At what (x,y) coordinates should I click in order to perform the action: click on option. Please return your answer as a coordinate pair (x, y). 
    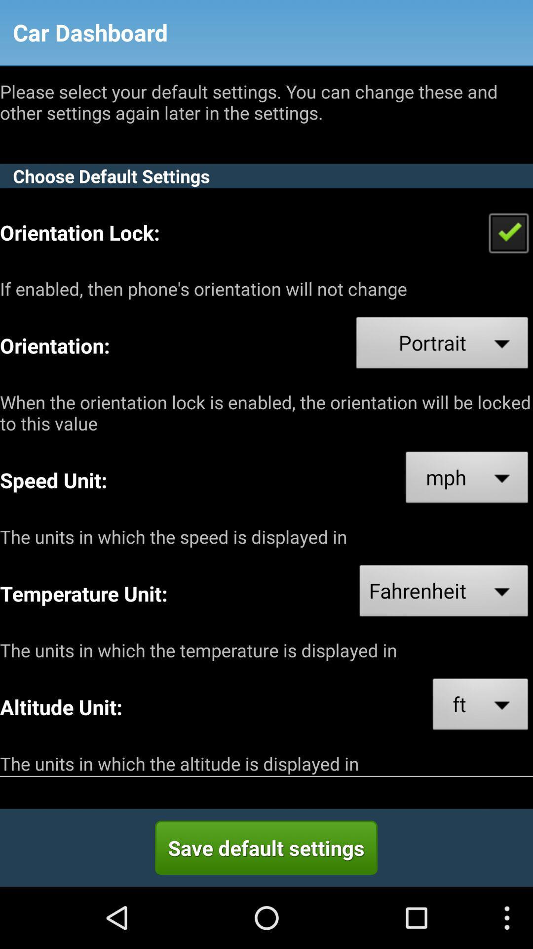
    Looking at the image, I should click on (508, 232).